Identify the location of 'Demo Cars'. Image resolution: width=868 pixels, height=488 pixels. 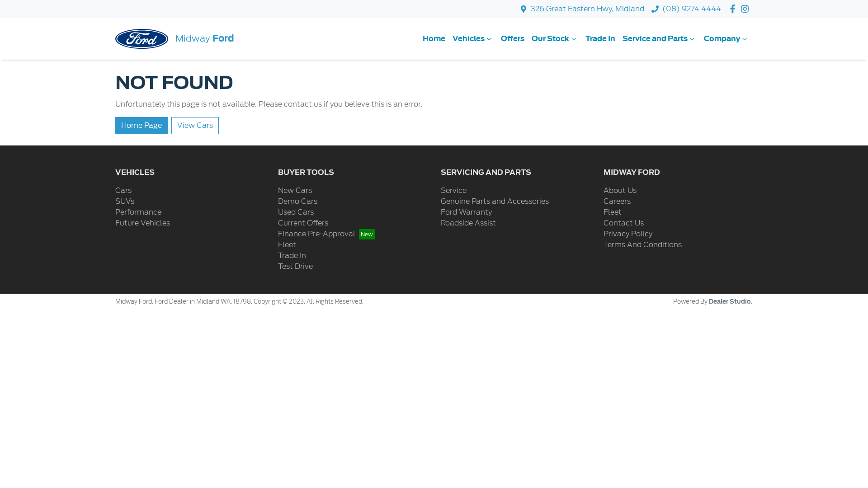
(297, 201).